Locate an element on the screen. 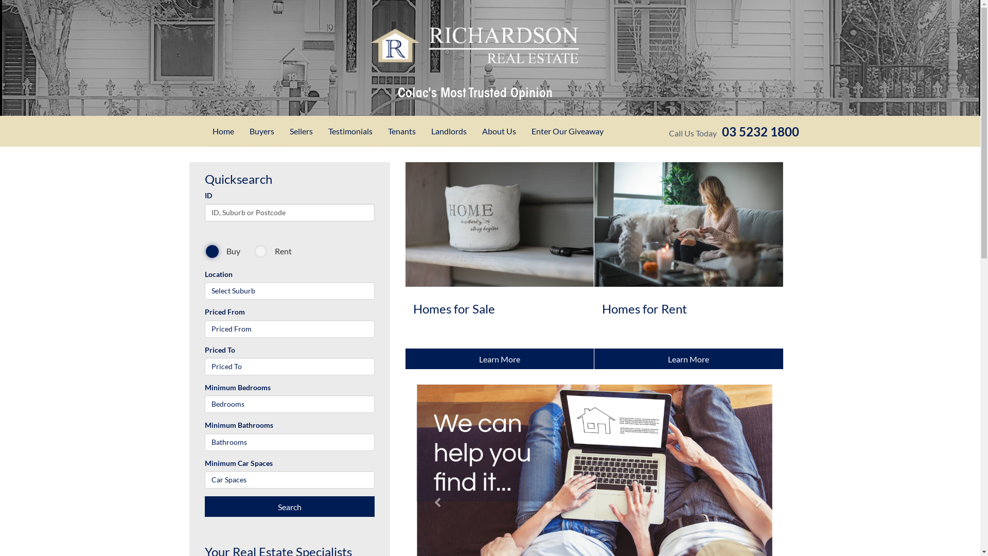 This screenshot has height=556, width=988. 'Homes for Sale is located at coordinates (500, 265).